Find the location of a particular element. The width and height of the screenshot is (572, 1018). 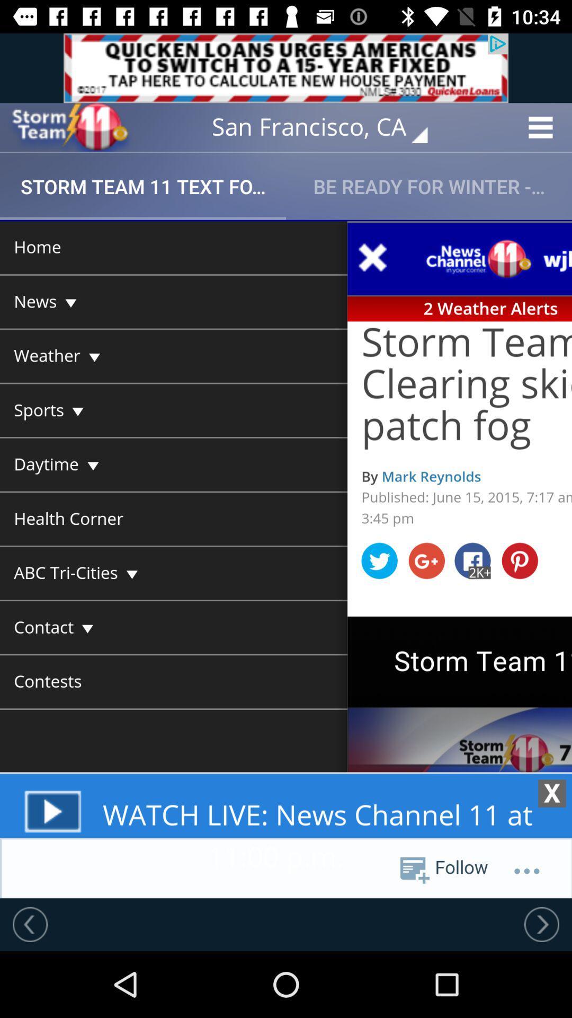

open weather forecast is located at coordinates (69, 127).